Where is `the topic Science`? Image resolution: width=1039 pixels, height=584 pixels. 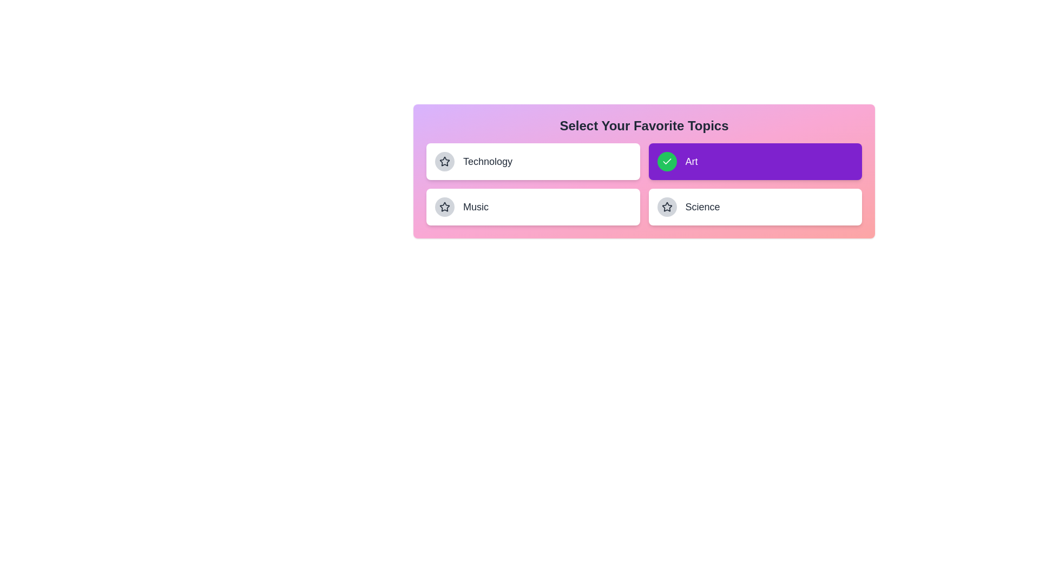 the topic Science is located at coordinates (754, 207).